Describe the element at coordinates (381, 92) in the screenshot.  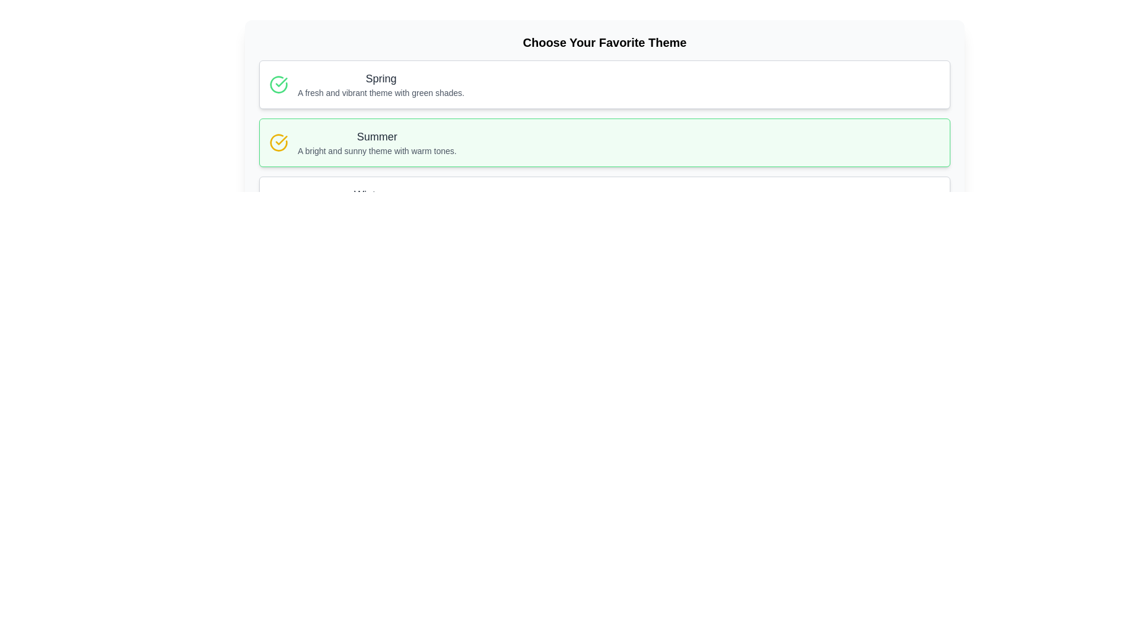
I see `descriptive text located beneath the bolded title 'Spring' in the selection menu to obtain additional information about the 'Spring' theme option` at that location.